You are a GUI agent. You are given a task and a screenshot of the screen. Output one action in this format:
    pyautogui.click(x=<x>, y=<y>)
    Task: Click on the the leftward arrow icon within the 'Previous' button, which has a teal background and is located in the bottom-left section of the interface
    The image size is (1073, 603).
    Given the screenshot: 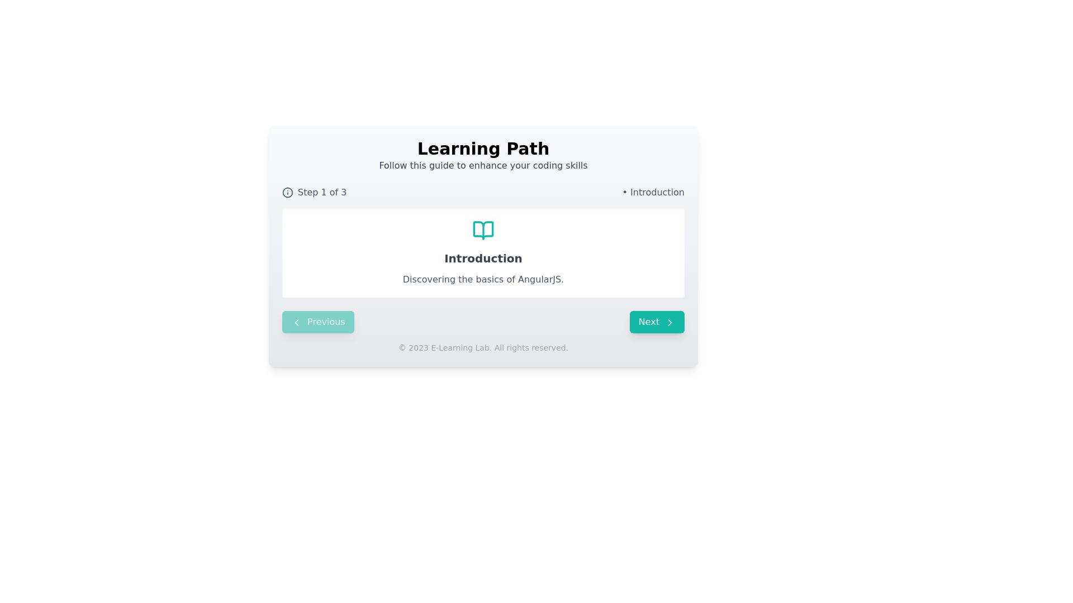 What is the action you would take?
    pyautogui.click(x=297, y=322)
    